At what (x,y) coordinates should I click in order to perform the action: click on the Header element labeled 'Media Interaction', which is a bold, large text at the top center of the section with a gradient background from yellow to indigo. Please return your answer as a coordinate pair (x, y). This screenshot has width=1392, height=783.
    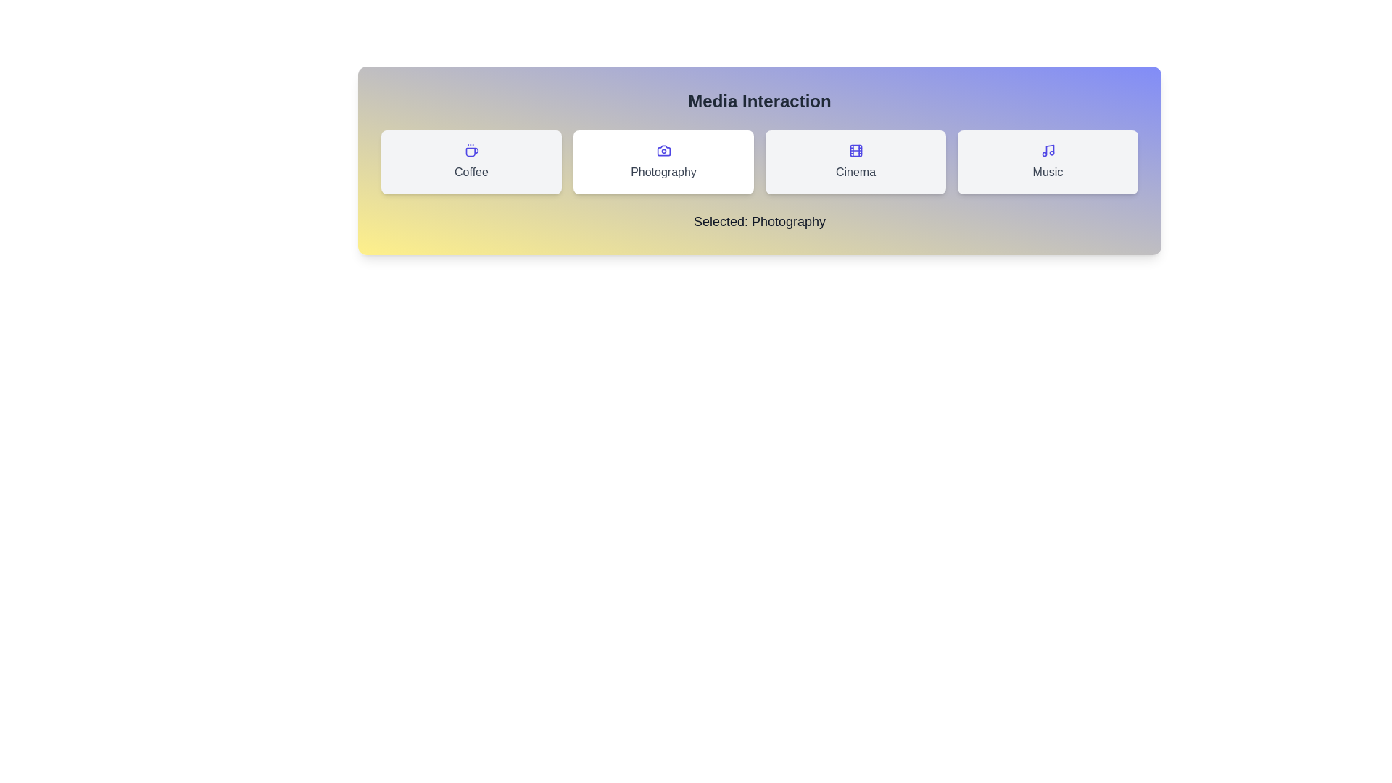
    Looking at the image, I should click on (758, 100).